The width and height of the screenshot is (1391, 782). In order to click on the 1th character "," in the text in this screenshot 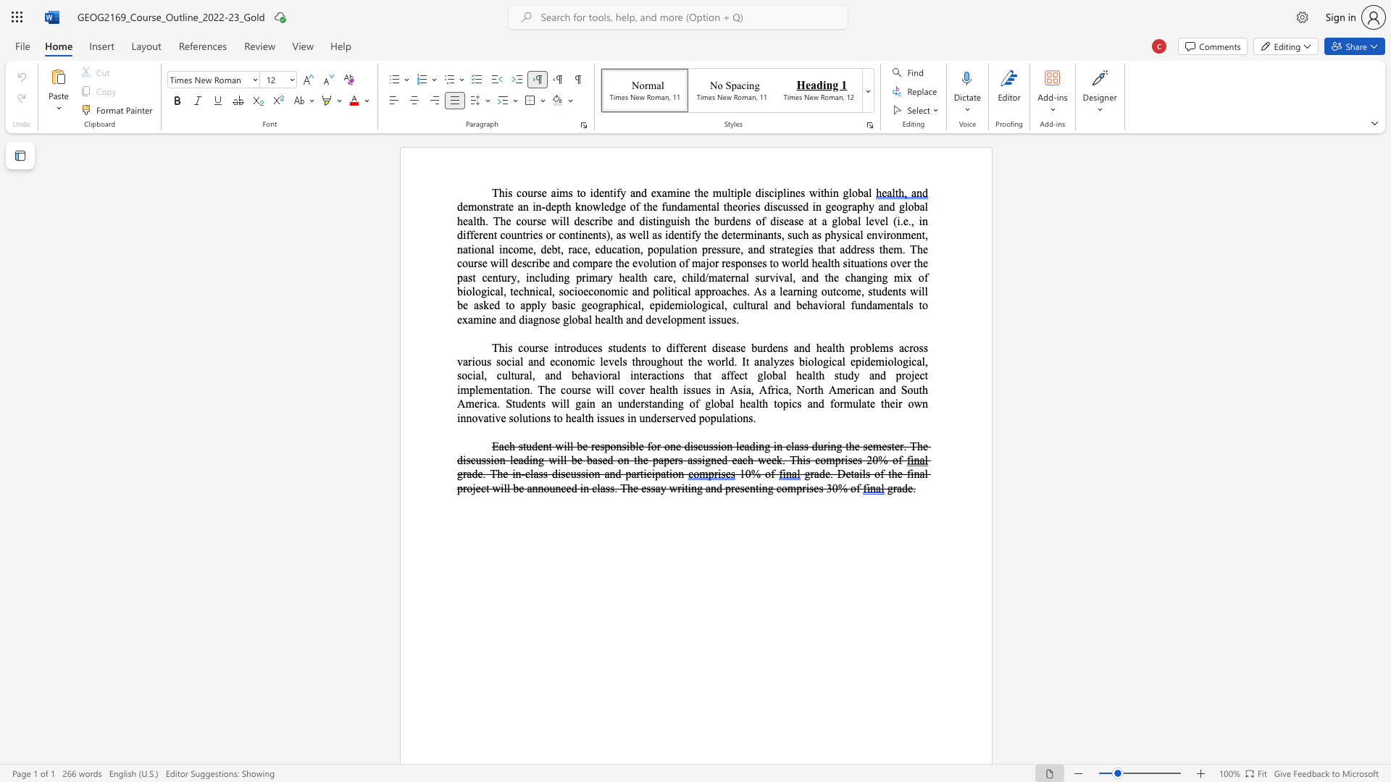, I will do `click(642, 304)`.